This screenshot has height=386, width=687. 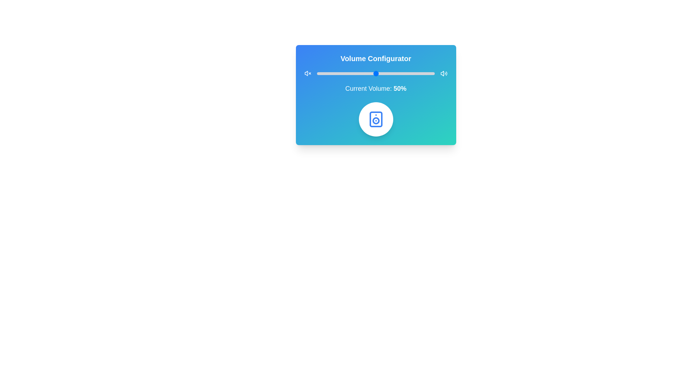 What do you see at coordinates (330, 73) in the screenshot?
I see `the volume slider to set the volume to 11%` at bounding box center [330, 73].